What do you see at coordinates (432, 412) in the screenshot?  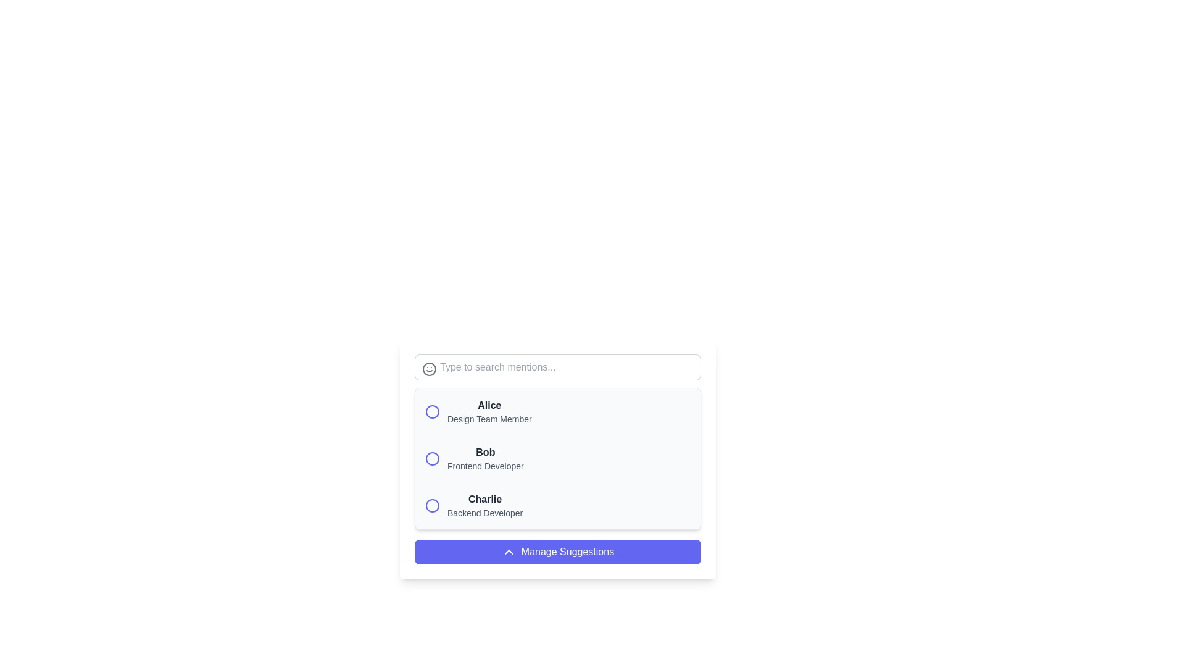 I see `the circular indigo icon located at the leftmost side of the first item in a vertically stacked list, which precedes the text 'Alice' and 'Design Team Member'` at bounding box center [432, 412].